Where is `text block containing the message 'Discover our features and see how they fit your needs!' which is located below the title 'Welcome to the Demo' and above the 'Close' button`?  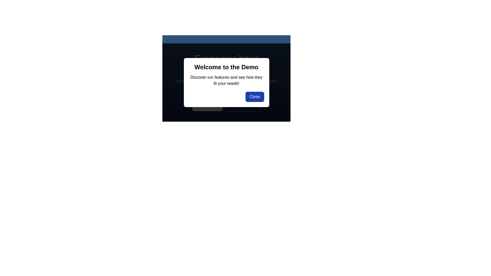
text block containing the message 'Discover our features and see how they fit your needs!' which is located below the title 'Welcome to the Demo' and above the 'Close' button is located at coordinates (226, 80).